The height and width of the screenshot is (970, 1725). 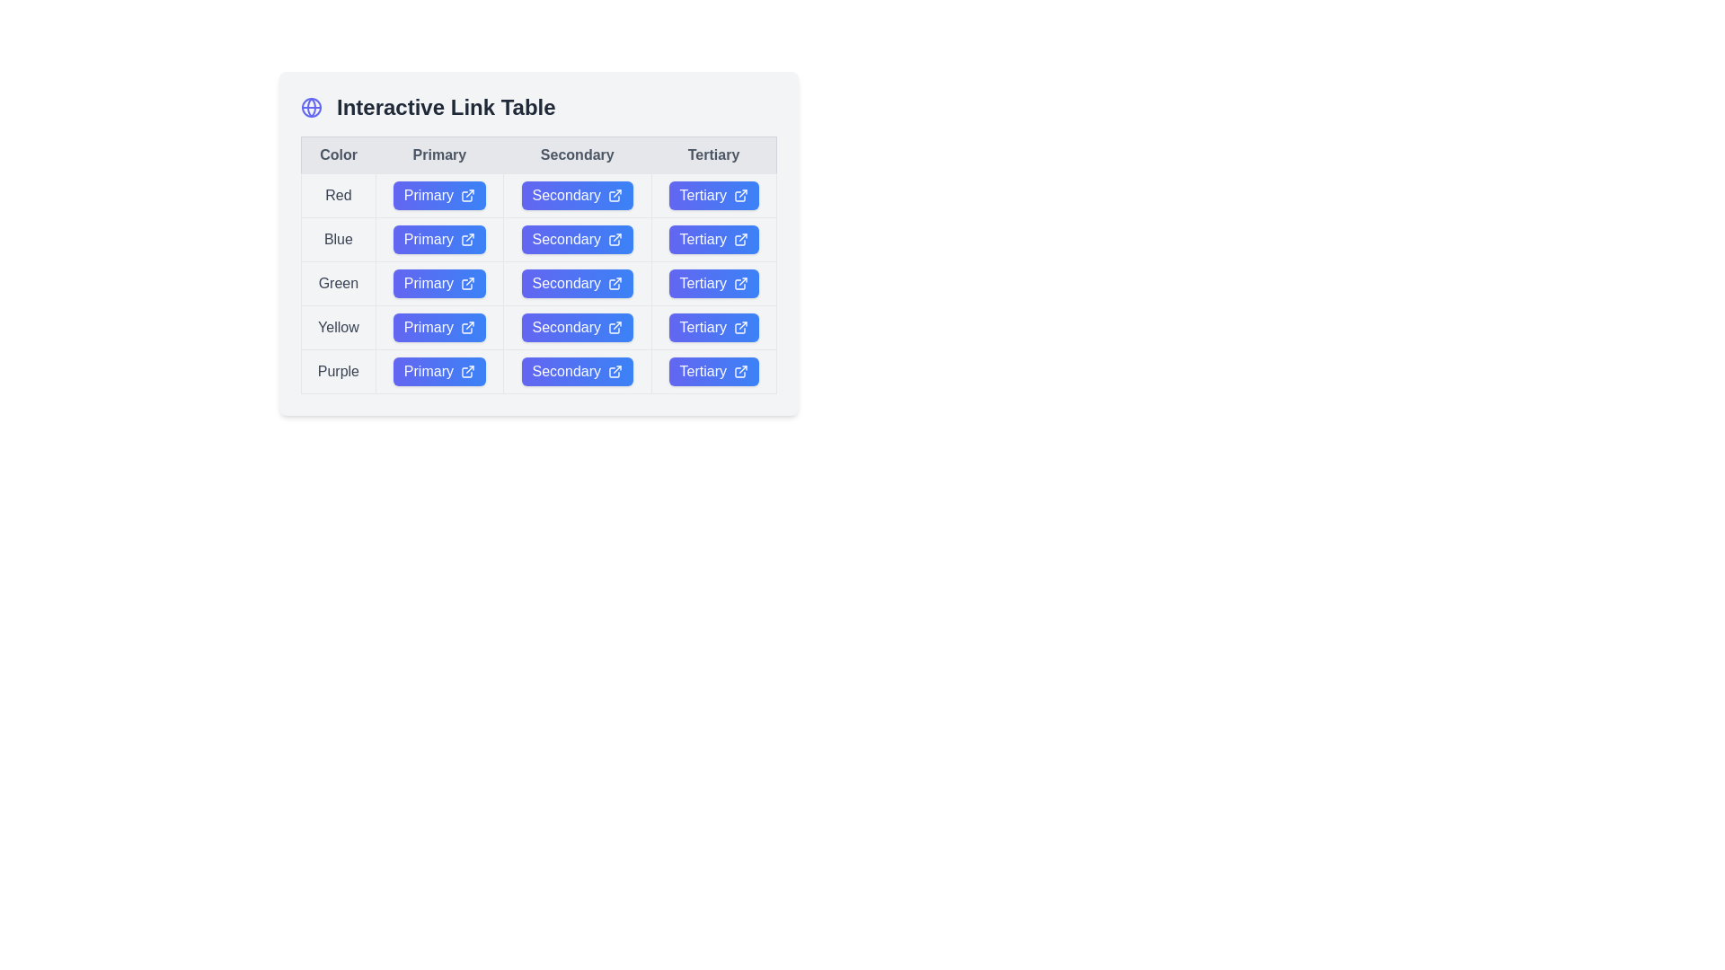 I want to click on the 'Secondary' button with a gradient blue color and an external link icon located in the 'Interactive Link Table' under the 'Green' row, so click(x=577, y=283).